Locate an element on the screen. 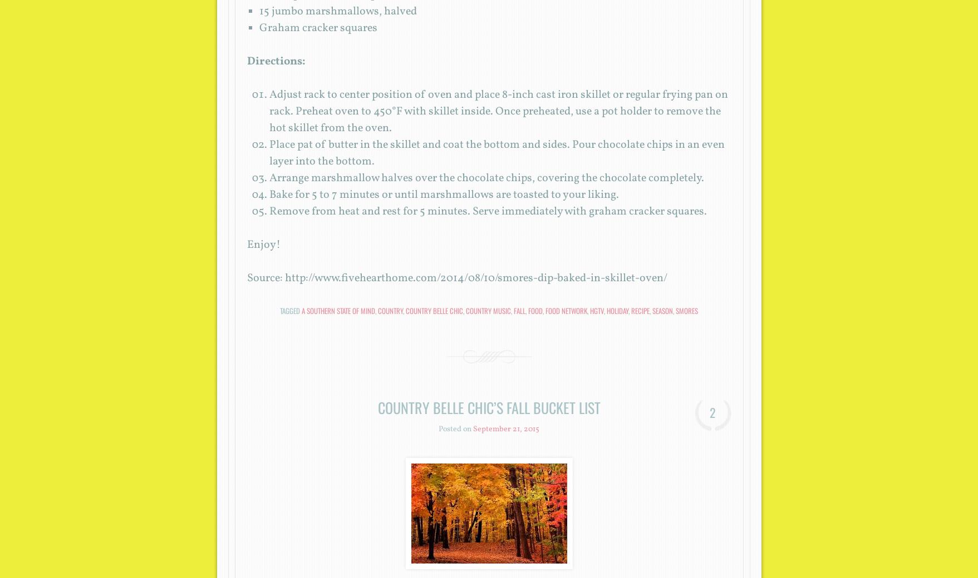 The image size is (978, 578). 'September 21, 2015' is located at coordinates (473, 429).